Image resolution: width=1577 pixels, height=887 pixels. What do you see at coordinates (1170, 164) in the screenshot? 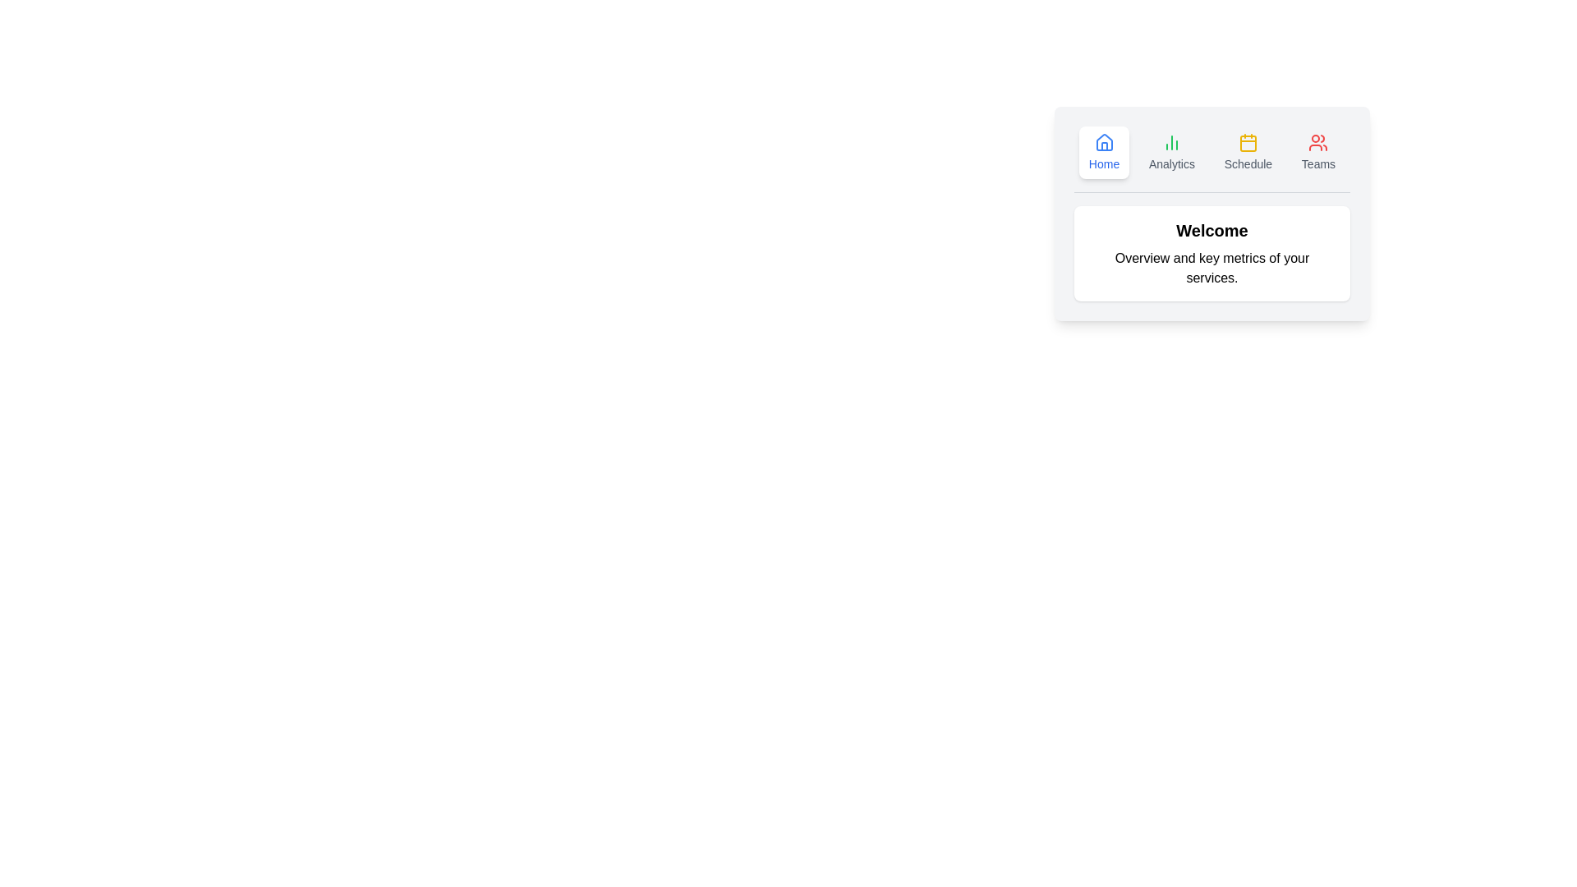
I see `the 'Analytics' text label, which is styled with a medium-sized font and positioned below an analytics icon, located between the 'Home' and 'Schedule' navigation items` at bounding box center [1170, 164].